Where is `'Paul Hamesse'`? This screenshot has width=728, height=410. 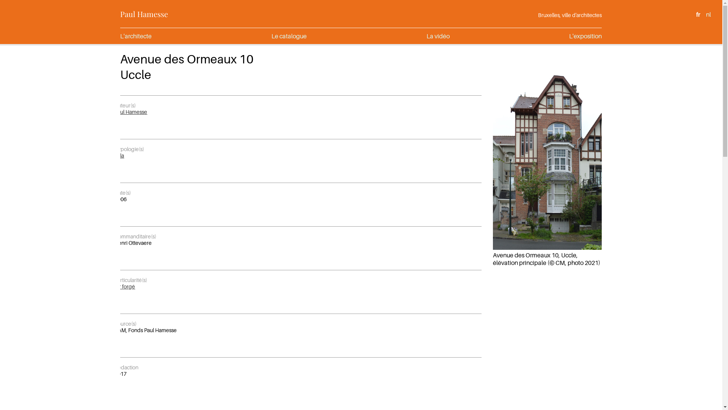
'Paul Hamesse' is located at coordinates (144, 14).